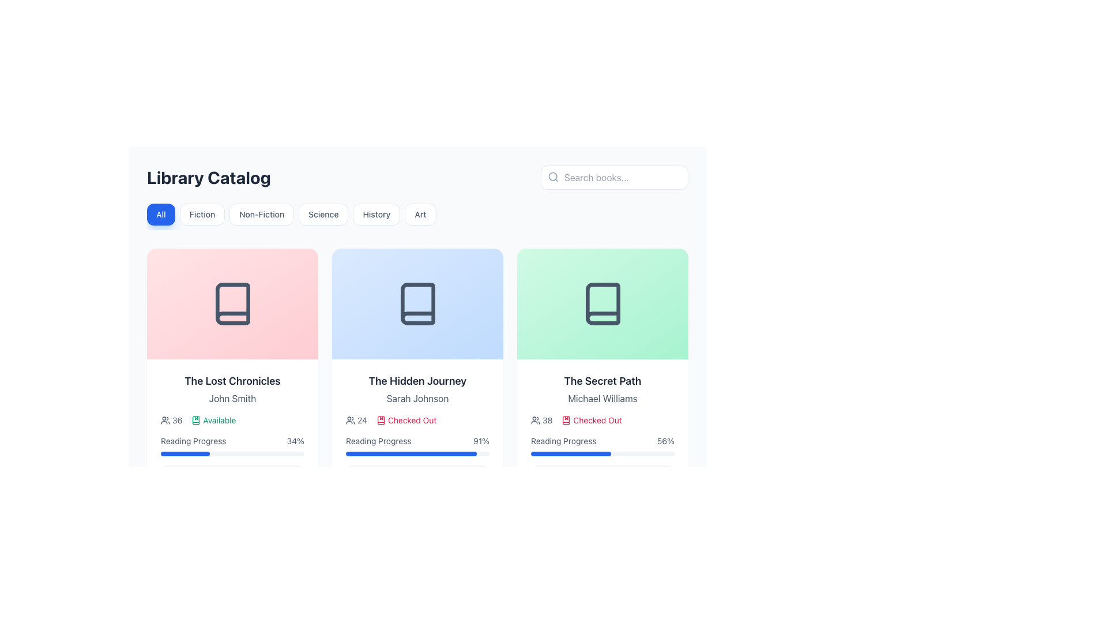 The width and height of the screenshot is (1107, 623). Describe the element at coordinates (420, 214) in the screenshot. I see `the 'Art' button, which is the last button in a horizontal group of six buttons, to filter content` at that location.